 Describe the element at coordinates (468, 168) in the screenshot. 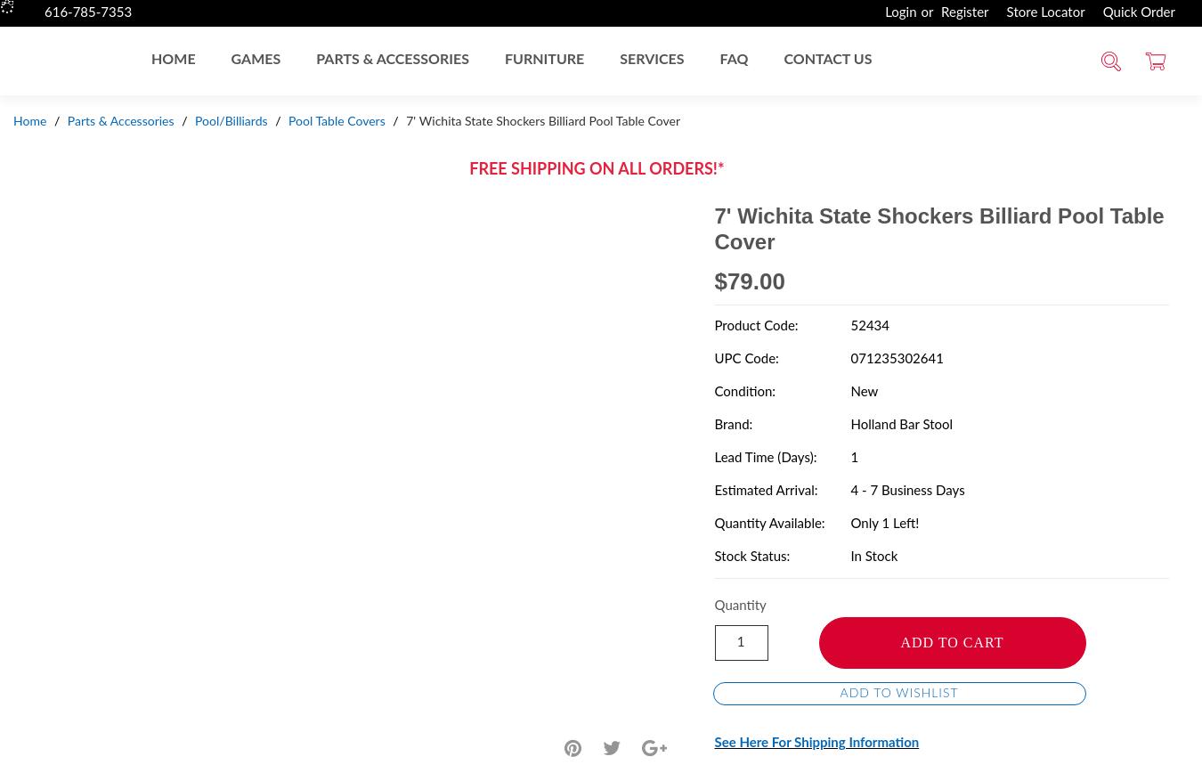

I see `'FREE SHIPPING ON ALL ORDERS!*'` at that location.